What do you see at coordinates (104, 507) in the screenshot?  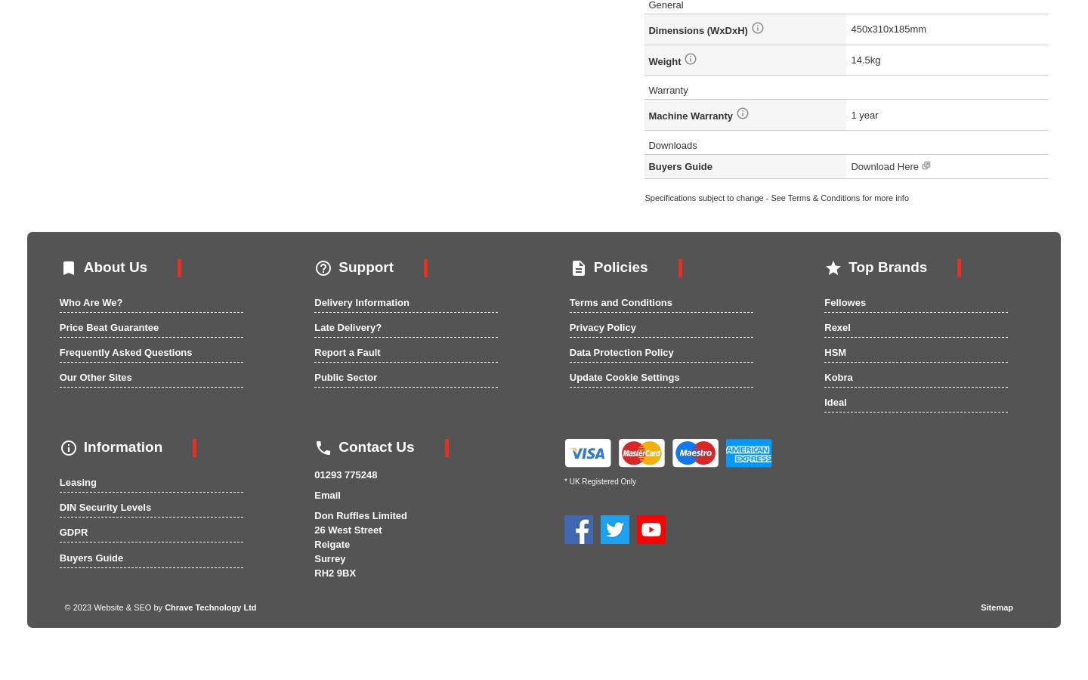 I see `'DIN Security Levels'` at bounding box center [104, 507].